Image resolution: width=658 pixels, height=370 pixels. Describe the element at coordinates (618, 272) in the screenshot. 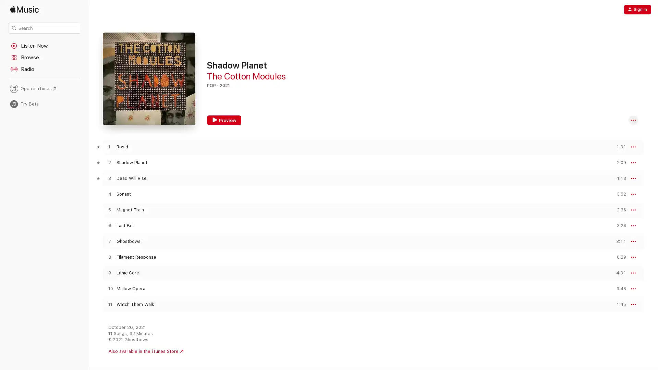

I see `Preview` at that location.